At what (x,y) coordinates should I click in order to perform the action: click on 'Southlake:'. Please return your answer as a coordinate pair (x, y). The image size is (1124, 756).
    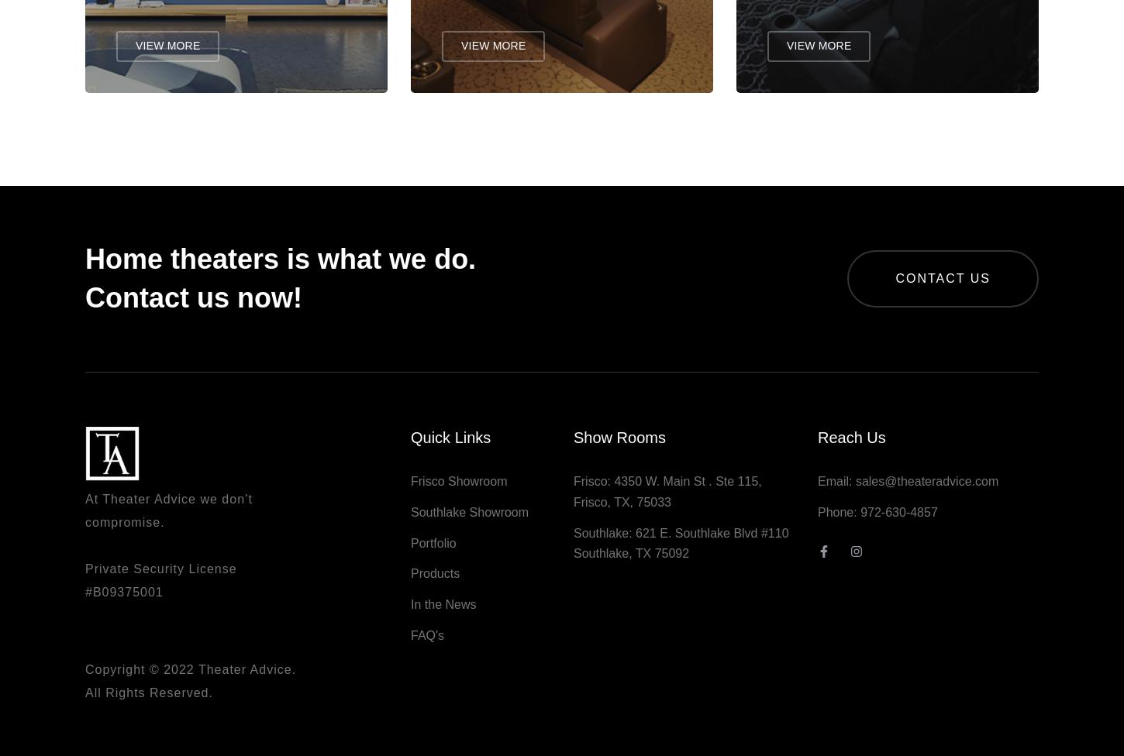
    Looking at the image, I should click on (602, 539).